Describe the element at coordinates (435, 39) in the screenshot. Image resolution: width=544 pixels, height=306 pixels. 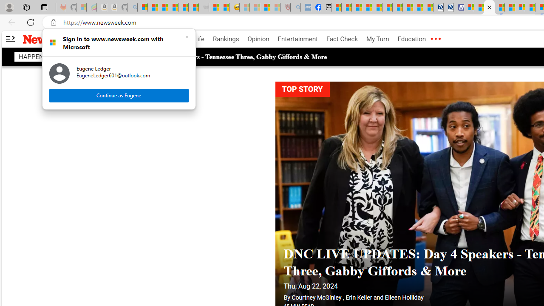
I see `'AutomationID: moreOptions'` at that location.